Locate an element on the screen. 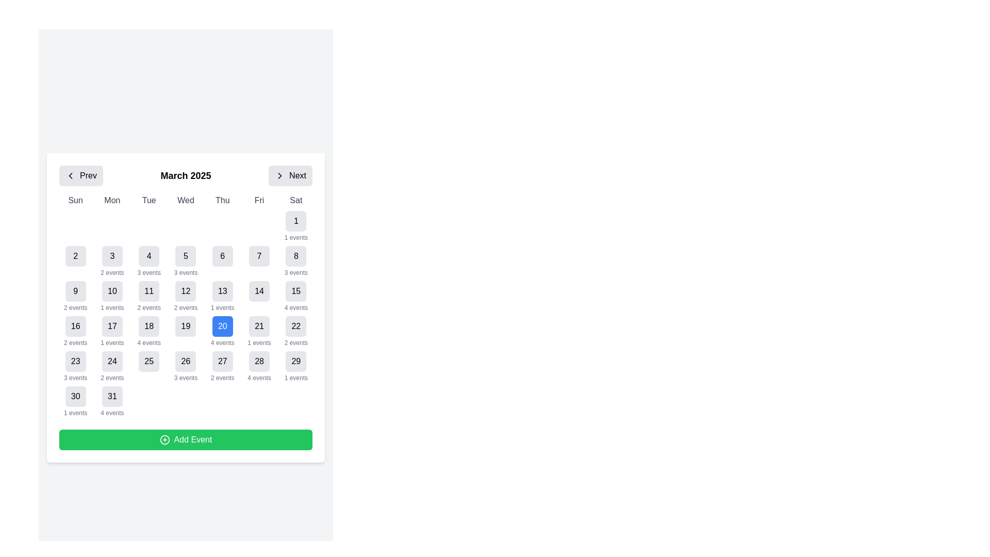 This screenshot has width=990, height=557. the rounded rectangular button labeled '5' for keyboard navigation is located at coordinates (186, 256).